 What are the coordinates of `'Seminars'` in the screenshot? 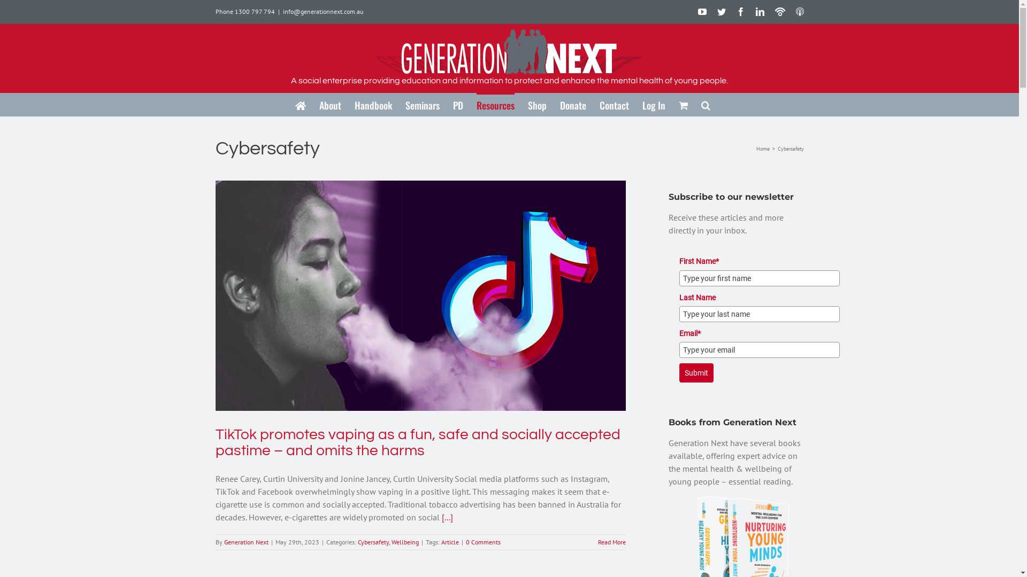 It's located at (422, 104).